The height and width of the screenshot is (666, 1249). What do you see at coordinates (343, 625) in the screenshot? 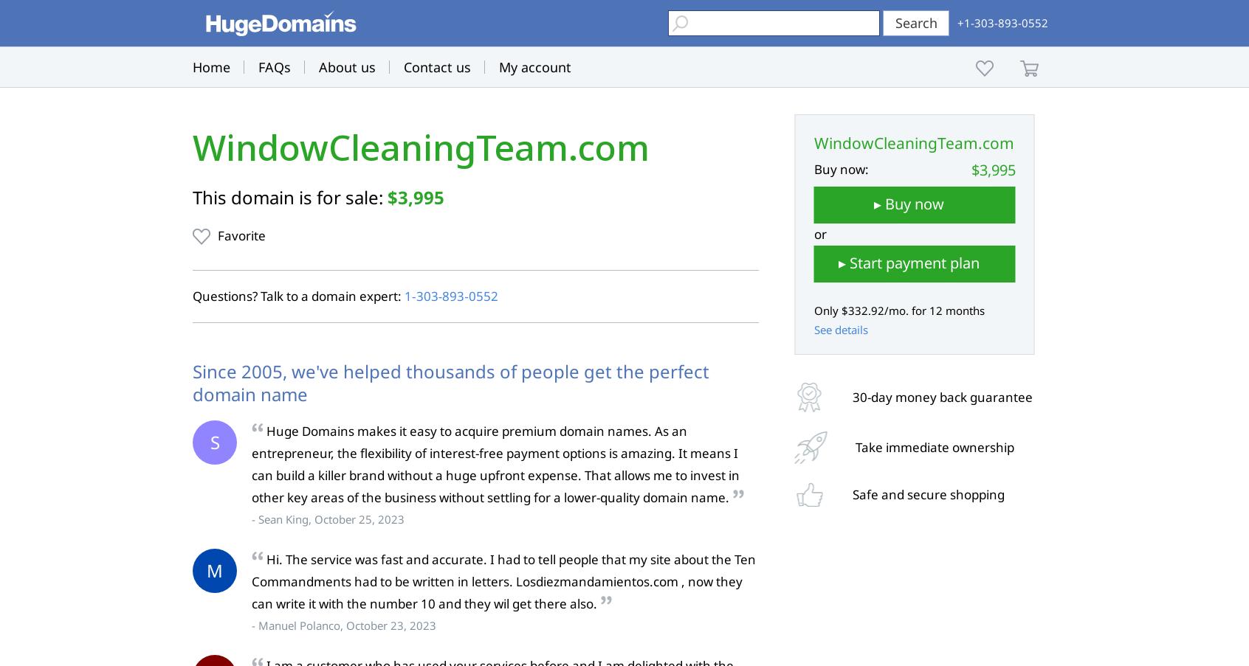
I see `'- Manuel Polanco, October 23, 2023'` at bounding box center [343, 625].